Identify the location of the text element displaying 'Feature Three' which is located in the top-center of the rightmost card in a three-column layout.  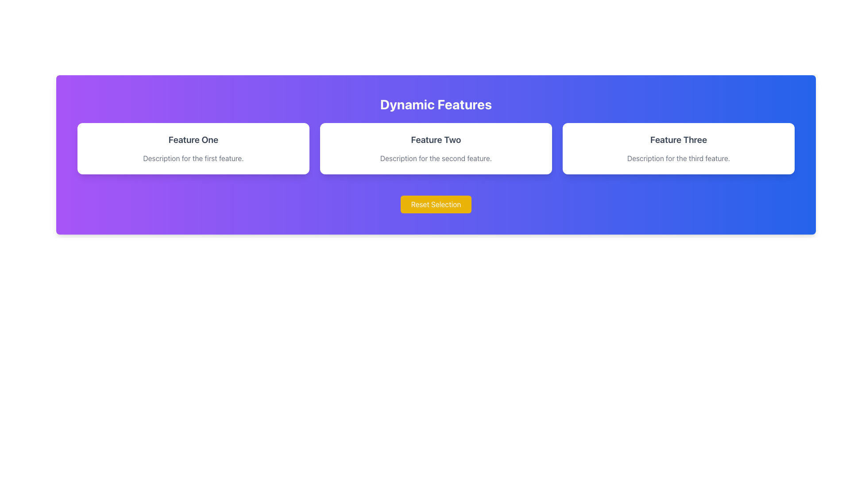
(678, 139).